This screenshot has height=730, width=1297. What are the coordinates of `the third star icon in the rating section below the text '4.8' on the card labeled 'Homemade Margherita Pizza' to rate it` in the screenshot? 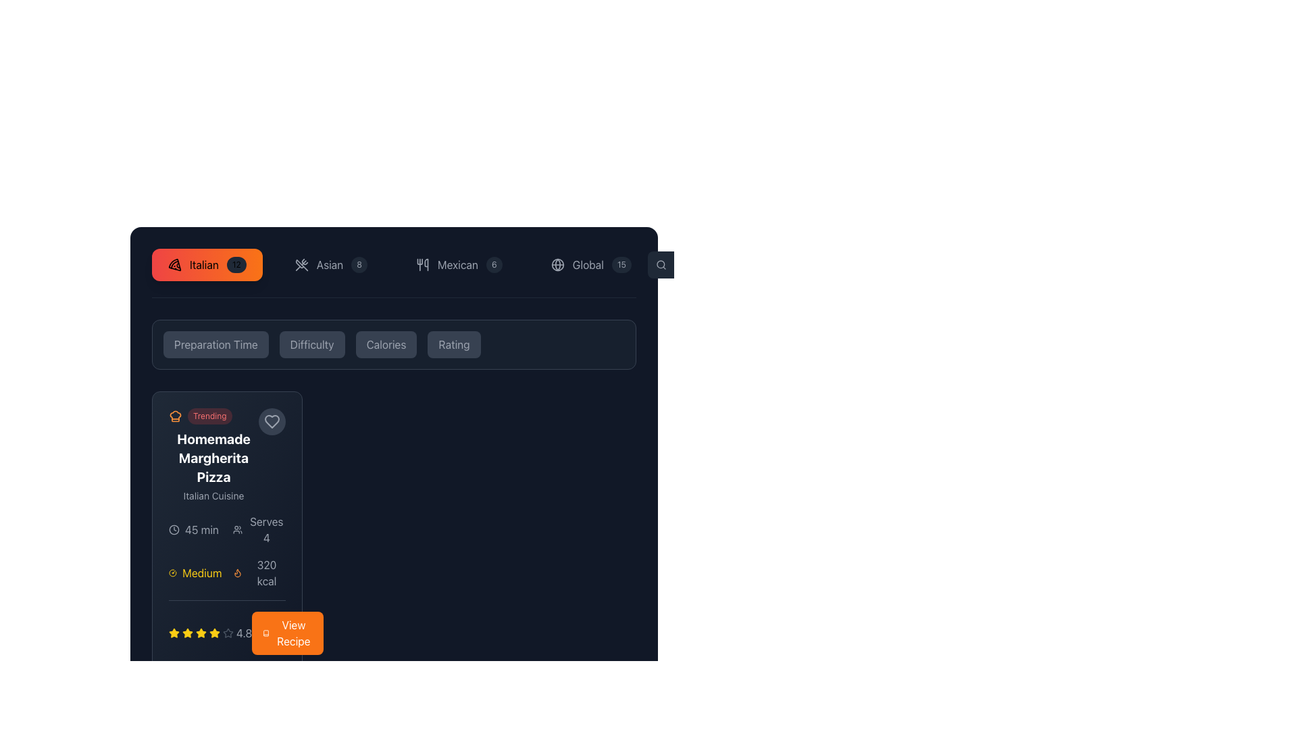 It's located at (187, 633).